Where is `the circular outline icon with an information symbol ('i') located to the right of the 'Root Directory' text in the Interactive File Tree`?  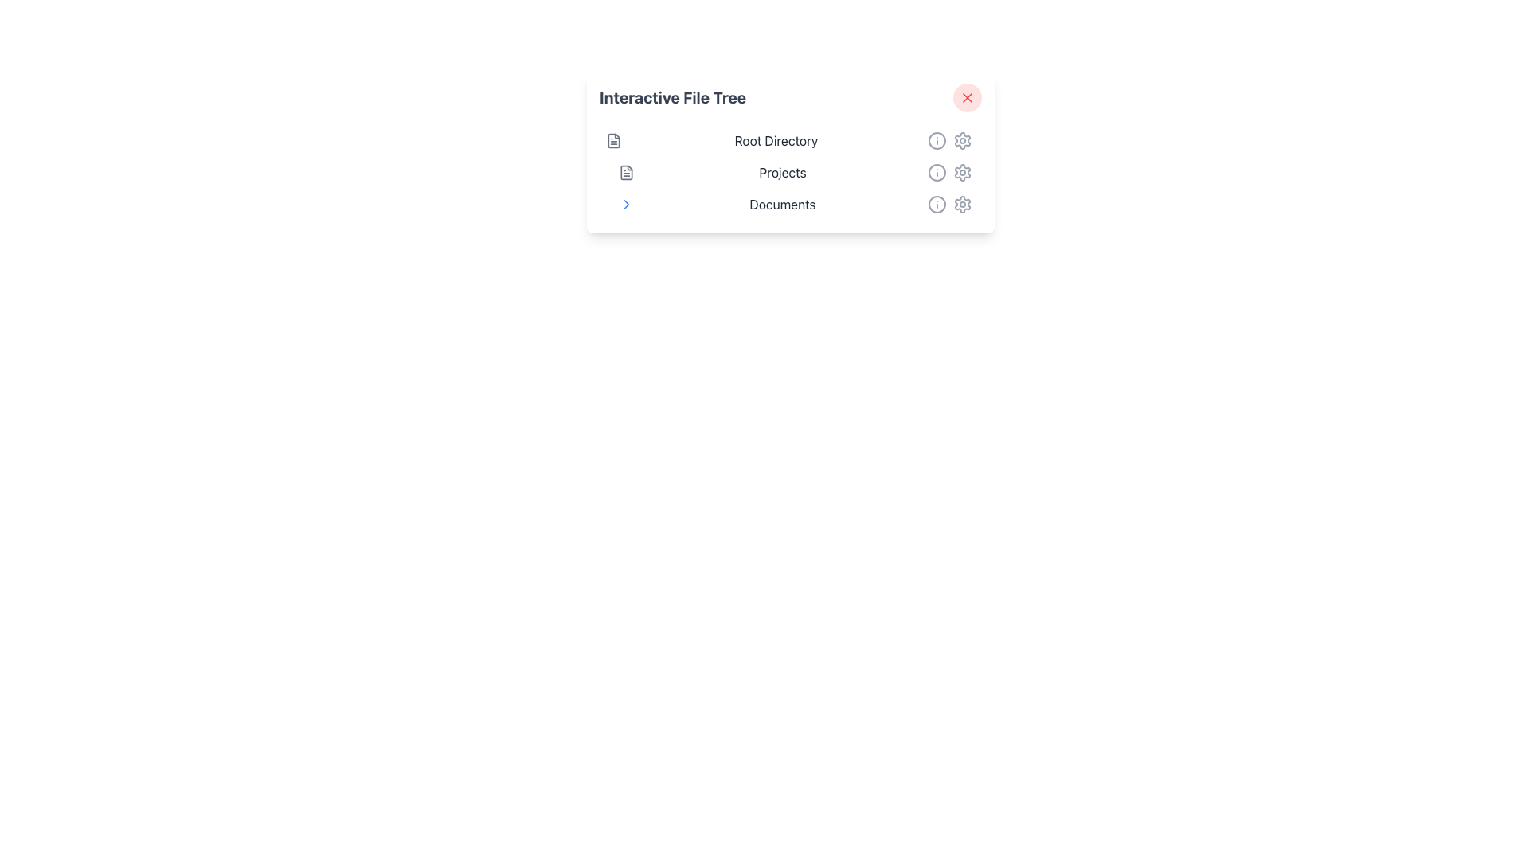 the circular outline icon with an information symbol ('i') located to the right of the 'Root Directory' text in the Interactive File Tree is located at coordinates (937, 140).